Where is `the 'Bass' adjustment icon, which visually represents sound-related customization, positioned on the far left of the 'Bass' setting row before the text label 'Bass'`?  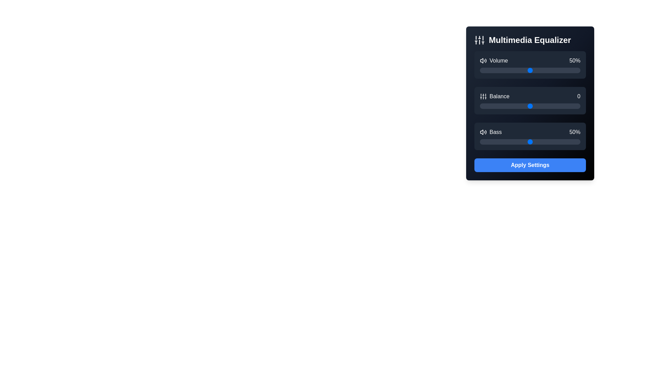
the 'Bass' adjustment icon, which visually represents sound-related customization, positioned on the far left of the 'Bass' setting row before the text label 'Bass' is located at coordinates (483, 132).